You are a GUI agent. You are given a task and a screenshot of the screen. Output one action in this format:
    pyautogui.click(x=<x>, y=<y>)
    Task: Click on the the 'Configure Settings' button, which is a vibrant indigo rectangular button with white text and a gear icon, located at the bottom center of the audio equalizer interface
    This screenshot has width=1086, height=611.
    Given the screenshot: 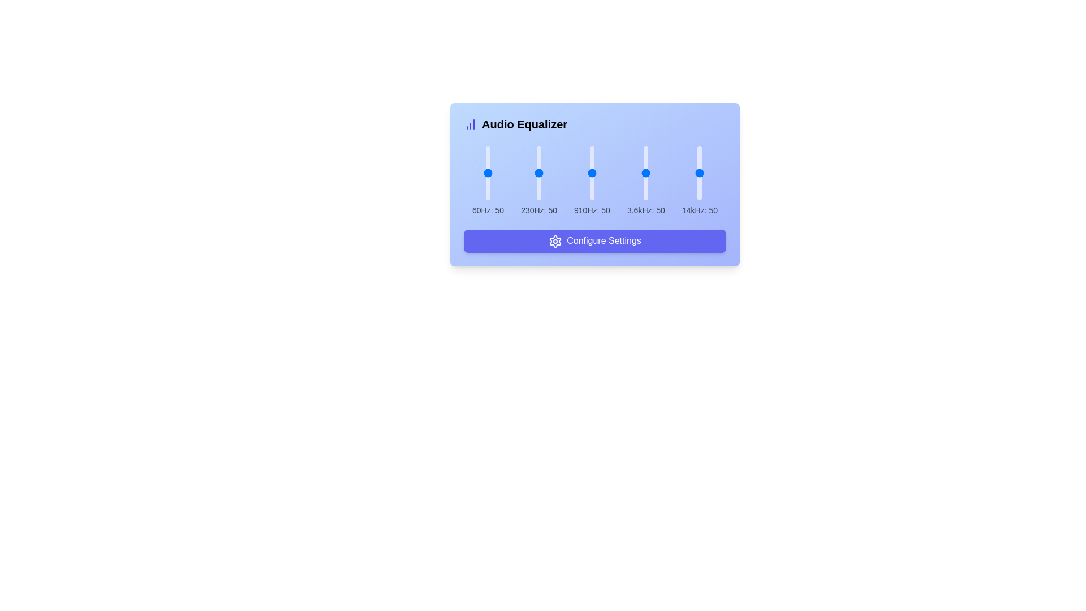 What is the action you would take?
    pyautogui.click(x=594, y=240)
    